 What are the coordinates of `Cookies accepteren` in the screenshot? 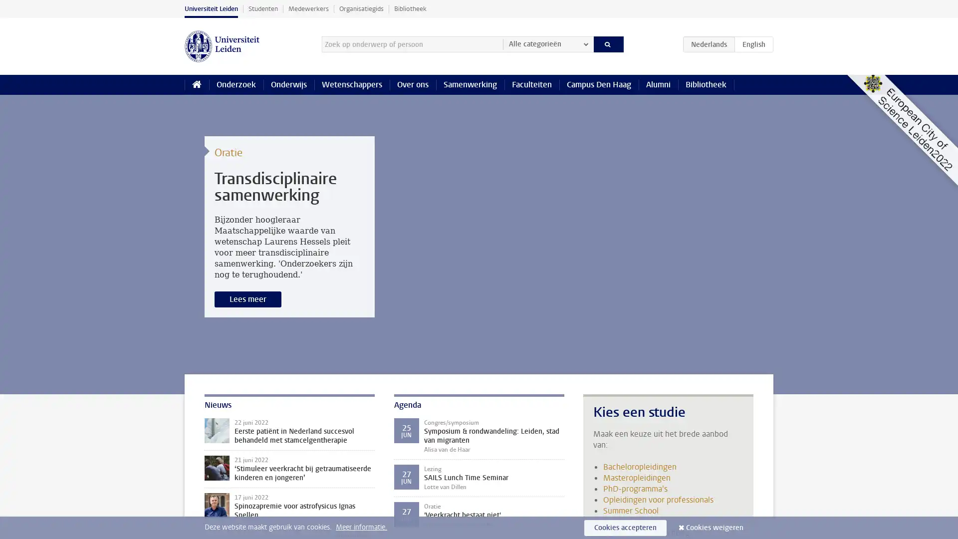 It's located at (625, 527).